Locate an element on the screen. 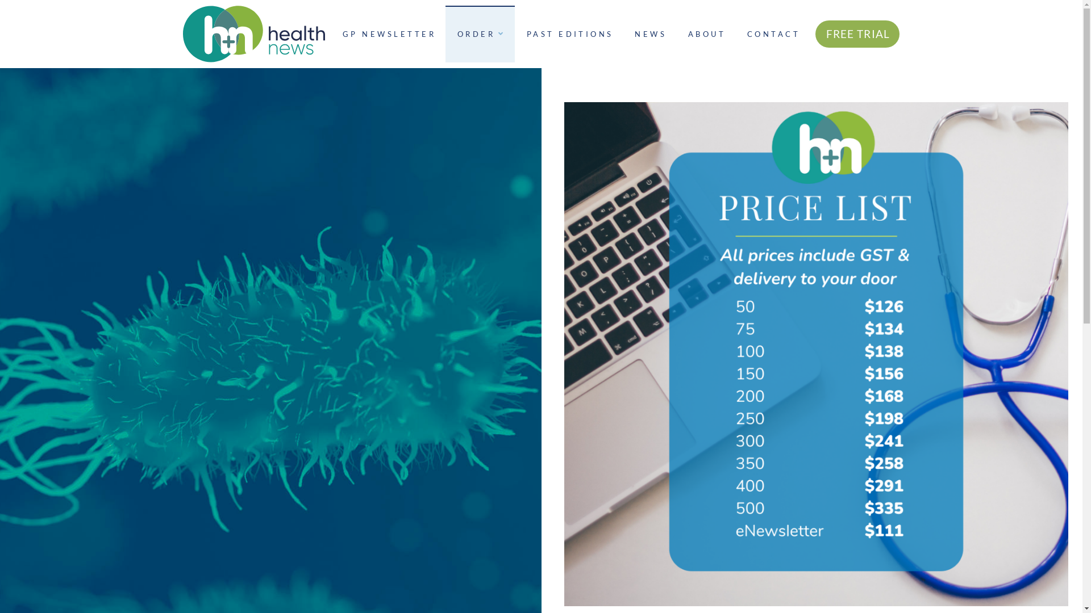  'GP NEWSLETTER' is located at coordinates (330, 33).